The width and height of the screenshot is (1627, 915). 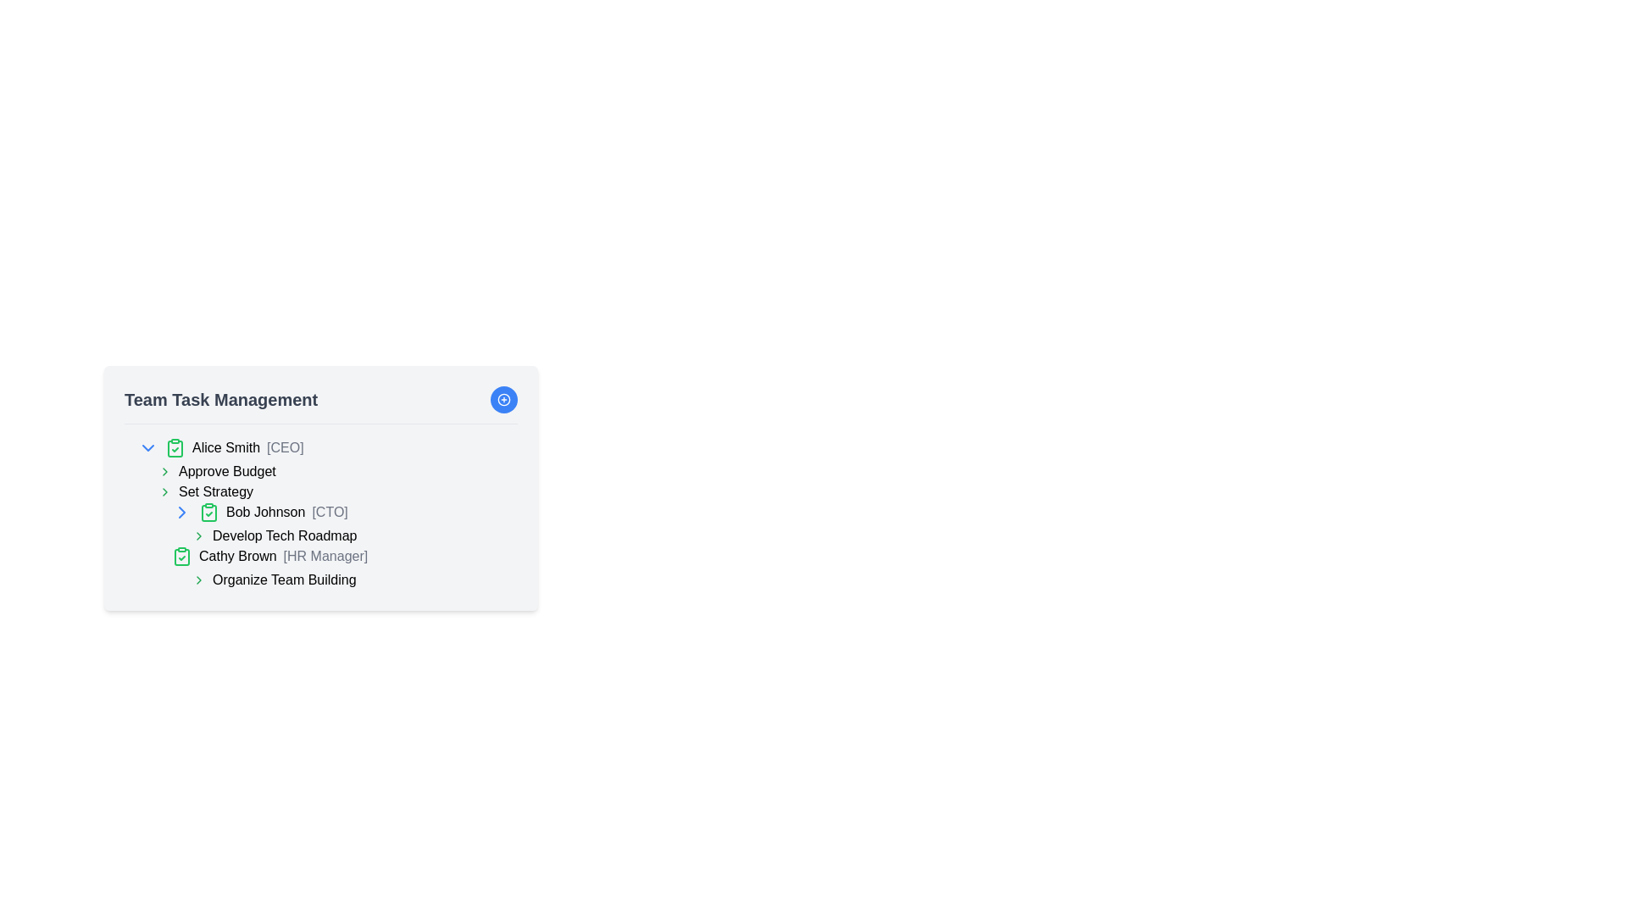 I want to click on the textual label for the individual under the HR Manager category, so click(x=344, y=568).